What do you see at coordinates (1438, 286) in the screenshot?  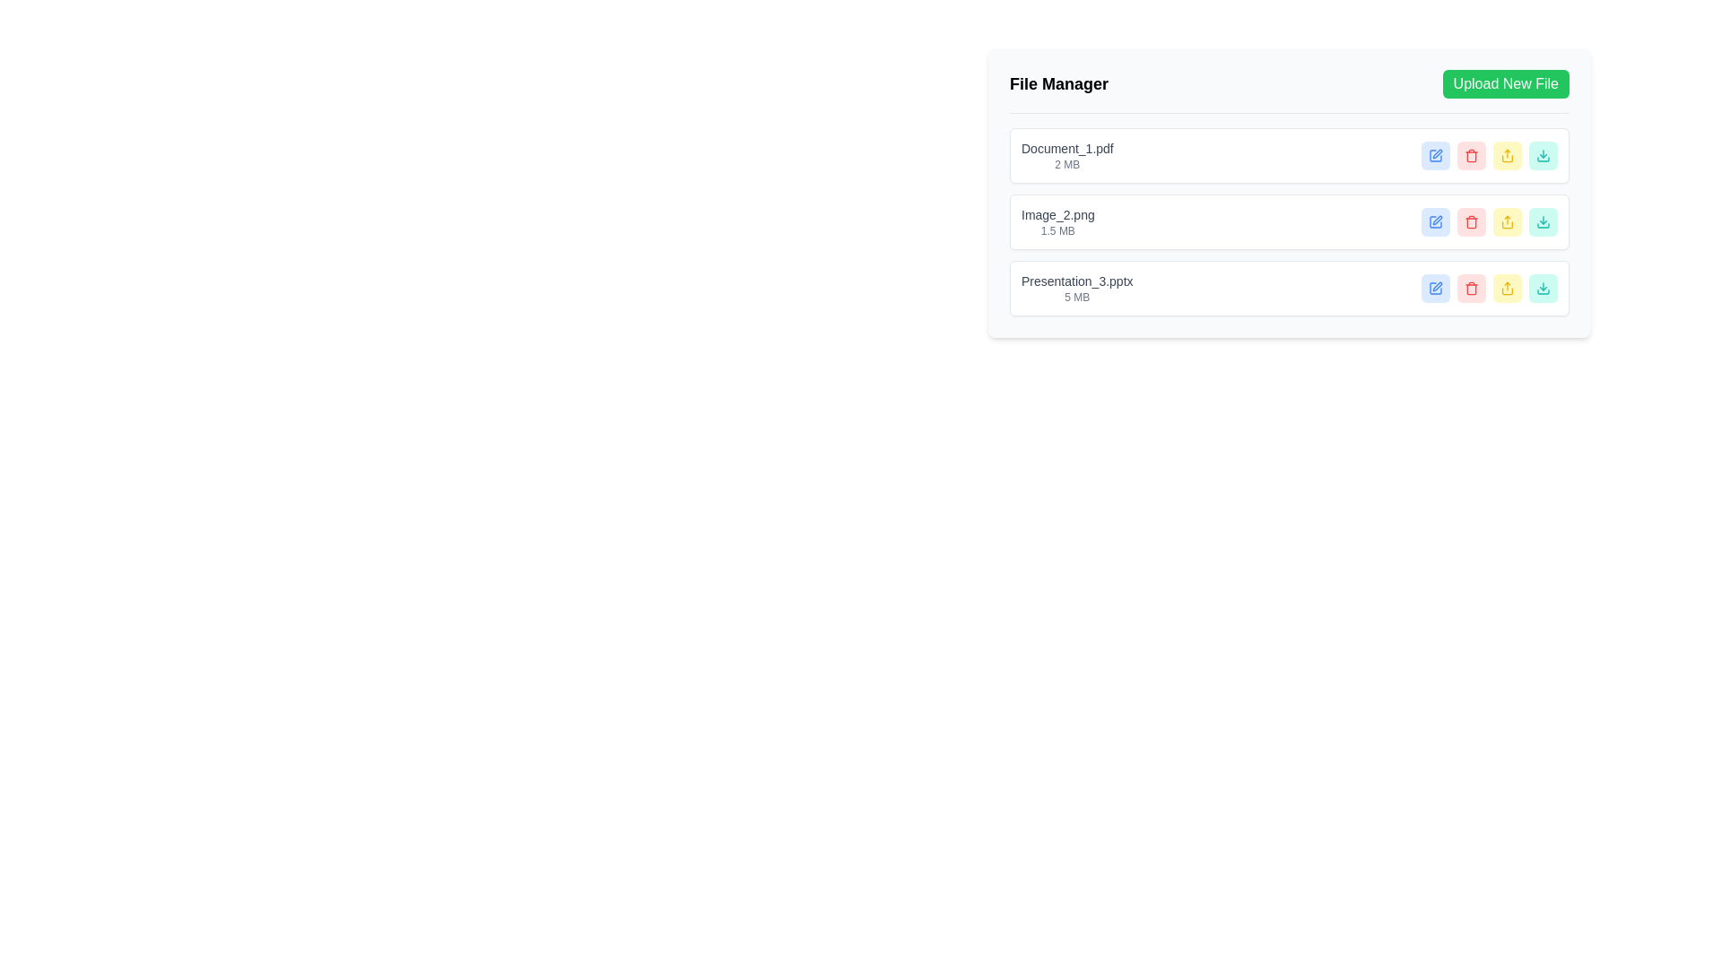 I see `the editing tool icon, which is a small vector graphic resembling a pen diagonally over a square, located in the 'File Manager' interface next to the 'Presentation_3.pptx' file entry` at bounding box center [1438, 286].